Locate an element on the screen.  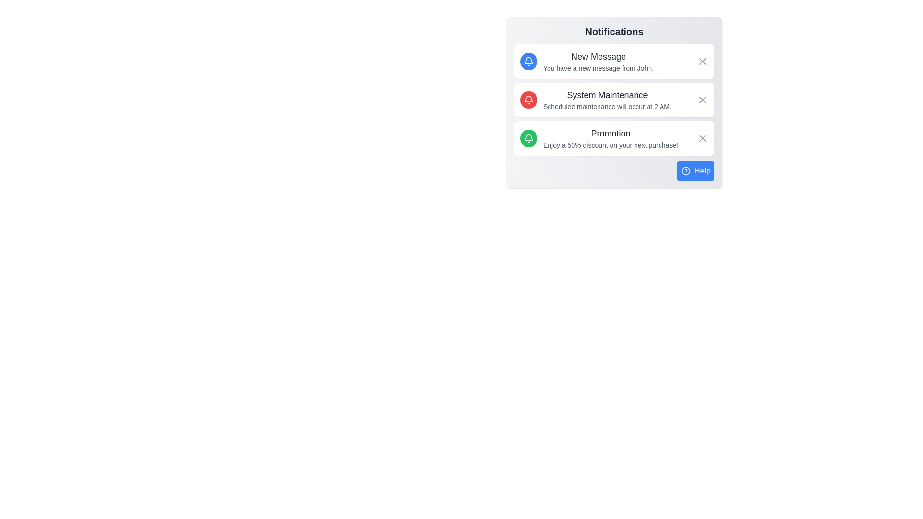
the second notification in the list regarding scheduled system maintenance for further interaction is located at coordinates (607, 100).